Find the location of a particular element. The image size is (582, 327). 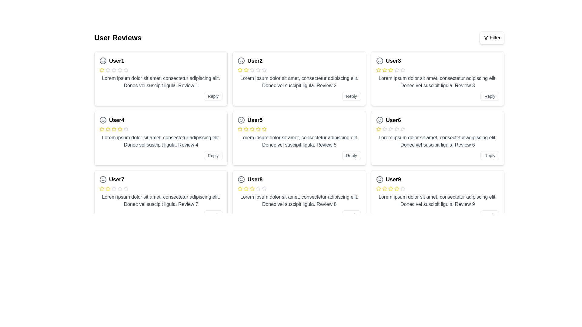

the 'Reply' button located at the bottom right corner of the card for 'User6' to respond to the review is located at coordinates (490, 155).